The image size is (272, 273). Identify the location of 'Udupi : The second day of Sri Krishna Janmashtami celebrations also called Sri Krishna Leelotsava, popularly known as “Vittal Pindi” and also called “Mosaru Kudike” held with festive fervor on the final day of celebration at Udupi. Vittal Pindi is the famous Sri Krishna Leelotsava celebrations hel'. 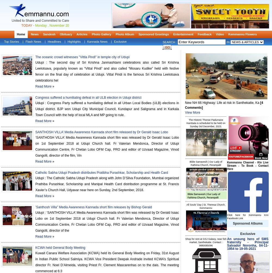
(107, 72).